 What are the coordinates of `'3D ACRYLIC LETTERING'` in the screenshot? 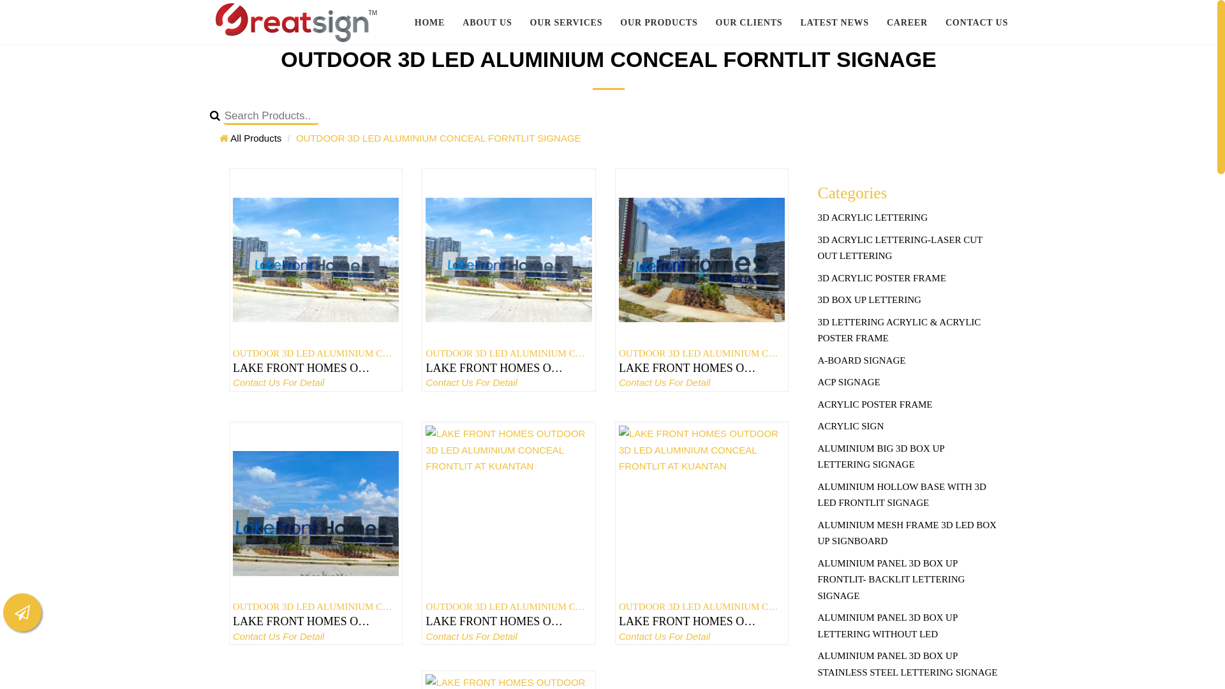 It's located at (907, 218).